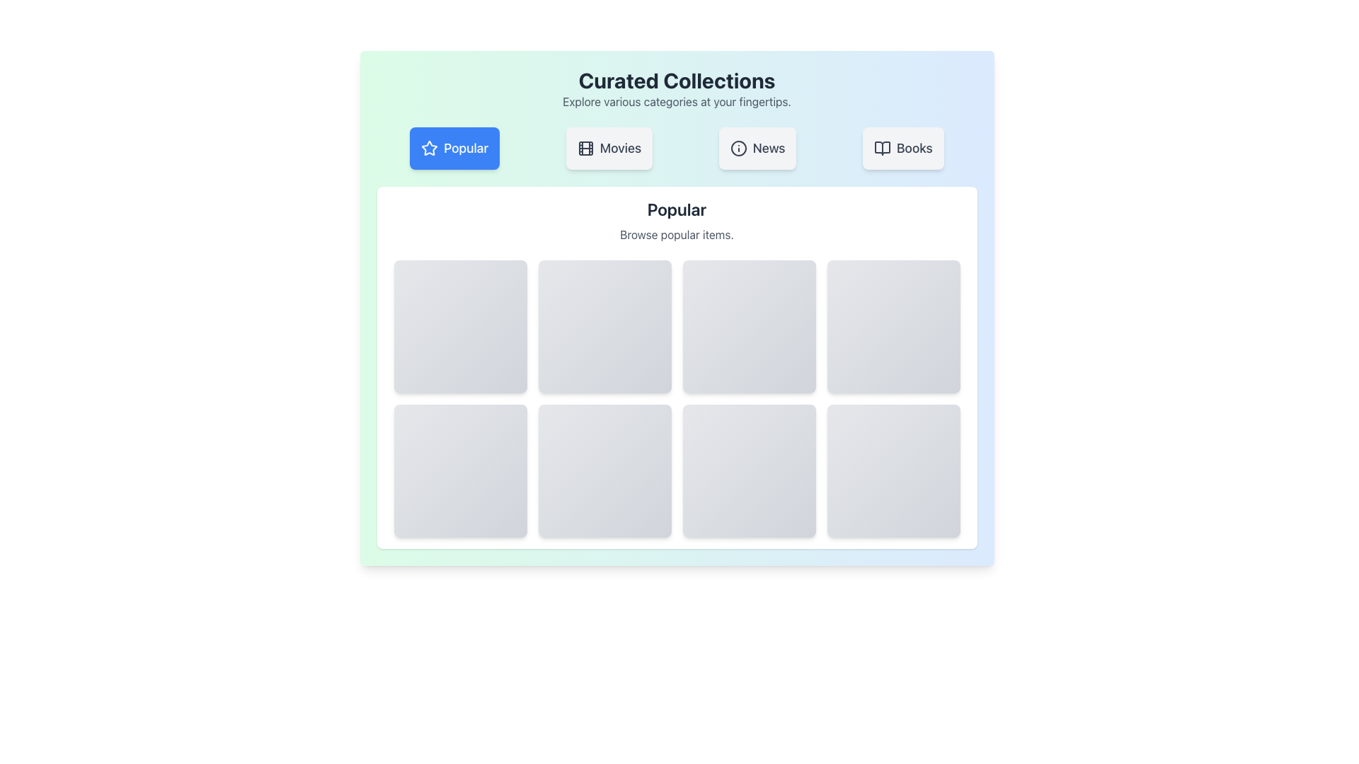  I want to click on the interactive panel, so click(748, 471).